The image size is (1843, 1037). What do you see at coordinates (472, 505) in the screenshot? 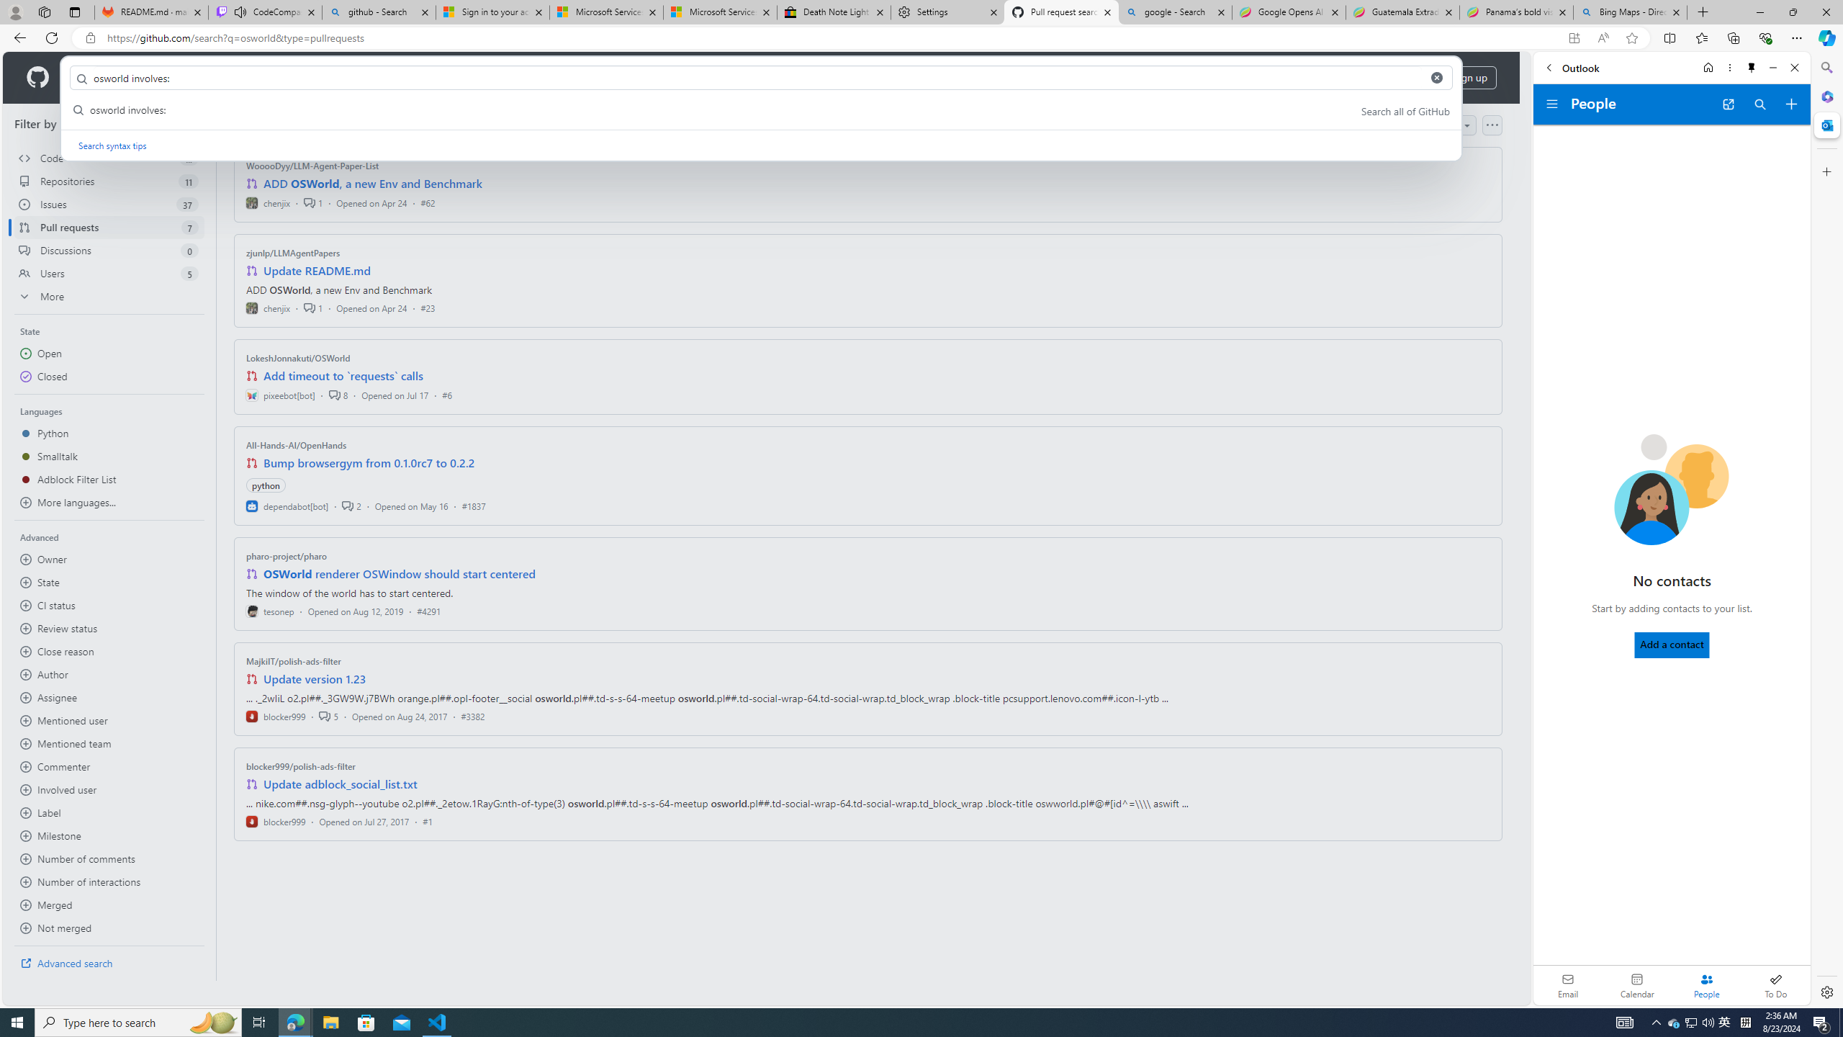
I see `'#1837'` at bounding box center [472, 505].